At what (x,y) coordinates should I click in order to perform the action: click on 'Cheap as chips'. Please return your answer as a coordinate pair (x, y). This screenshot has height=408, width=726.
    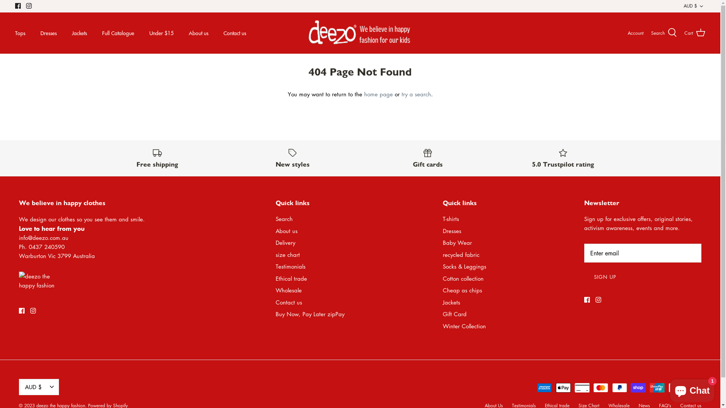
    Looking at the image, I should click on (462, 289).